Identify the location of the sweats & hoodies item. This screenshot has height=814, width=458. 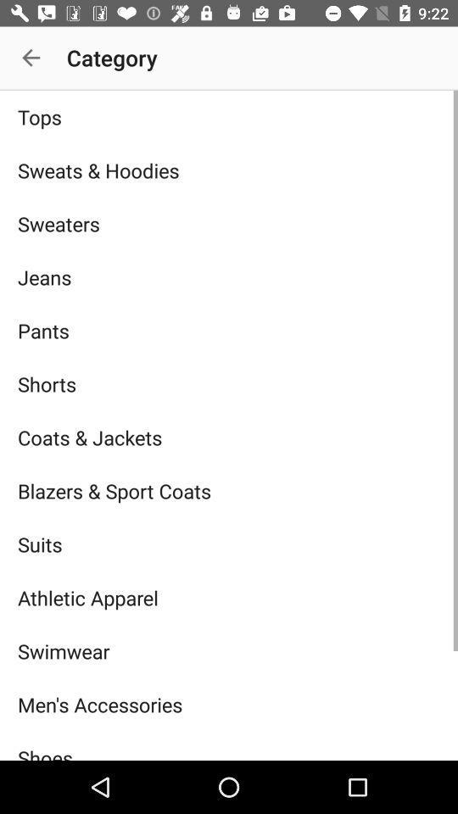
(229, 170).